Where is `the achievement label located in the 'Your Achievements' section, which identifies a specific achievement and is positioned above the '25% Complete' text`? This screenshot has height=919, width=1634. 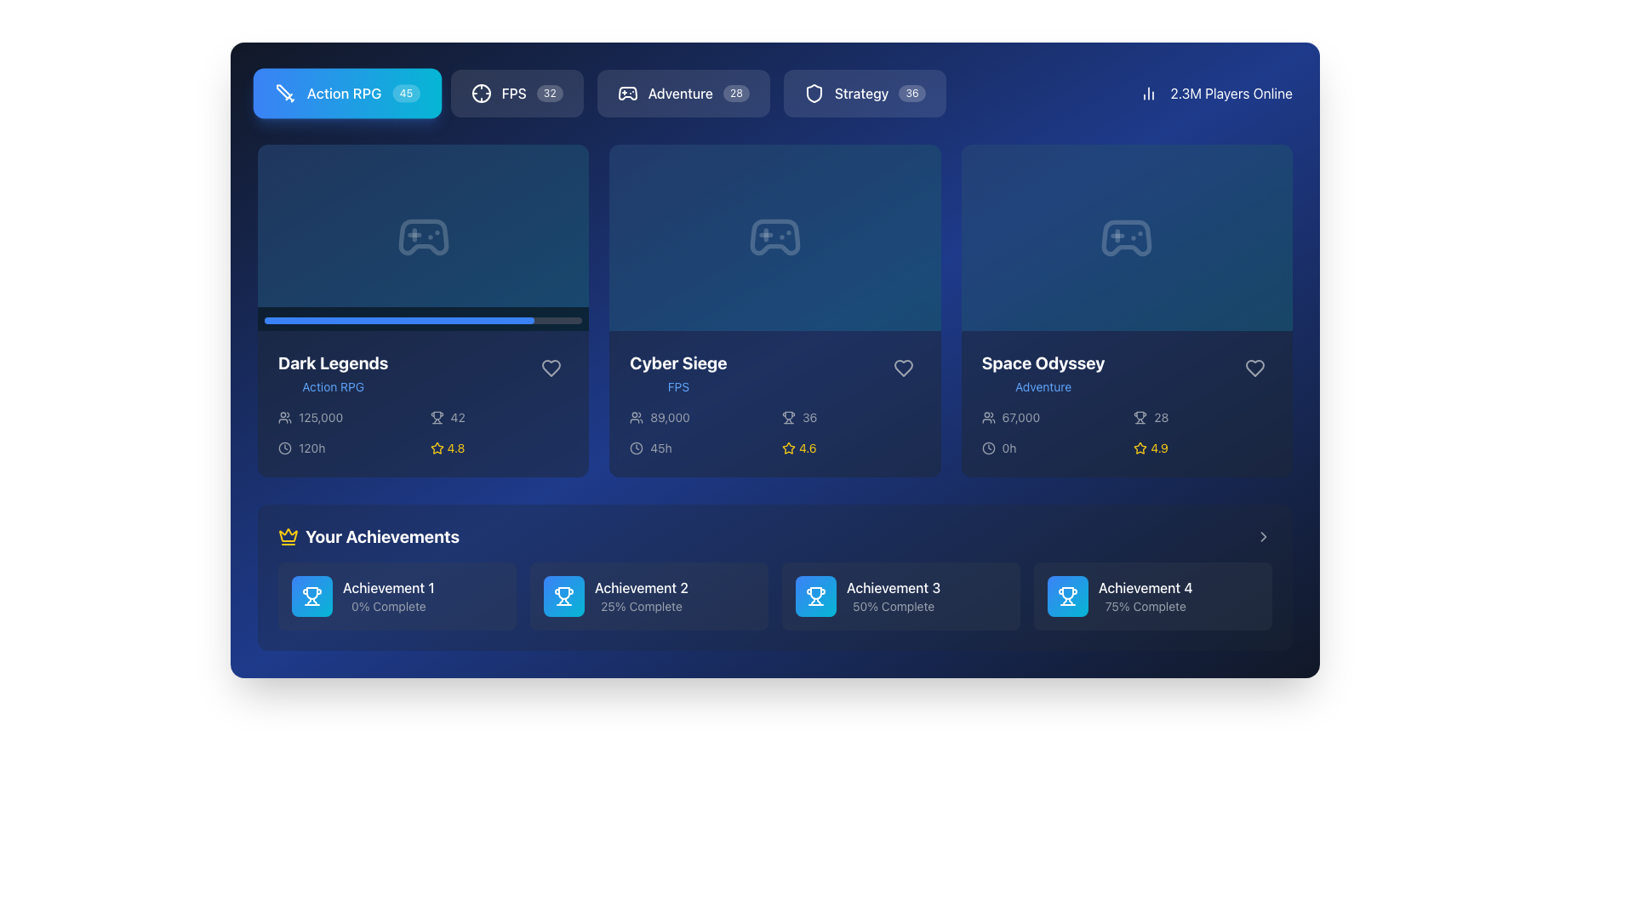 the achievement label located in the 'Your Achievements' section, which identifies a specific achievement and is positioned above the '25% Complete' text is located at coordinates (640, 586).